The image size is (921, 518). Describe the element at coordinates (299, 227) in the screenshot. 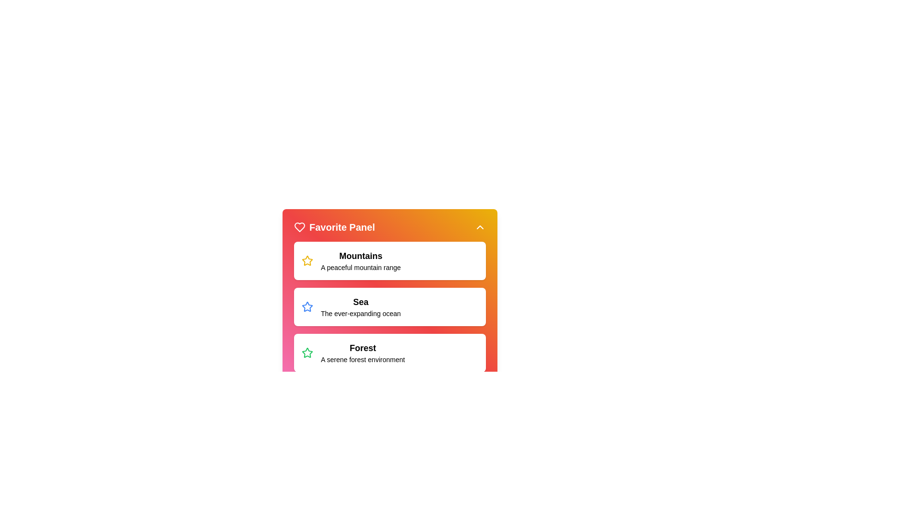

I see `the heart-shaped icon filled with red color located in the top-left corner of the 'Favorite Panel' header` at that location.